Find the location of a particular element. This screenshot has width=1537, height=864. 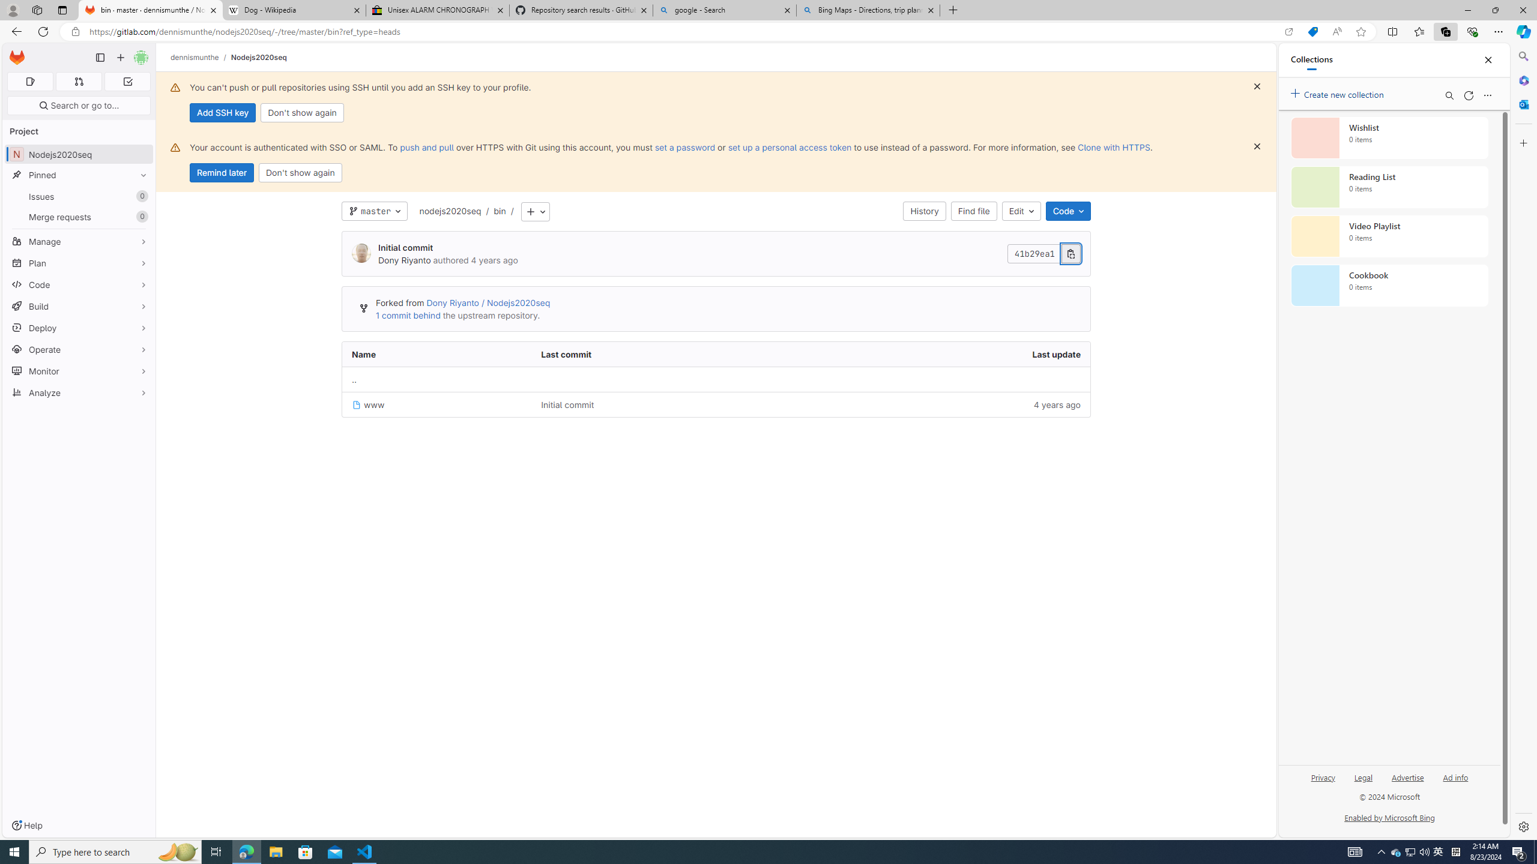

'Class: s16 position-relative file-icon' is located at coordinates (355, 404).